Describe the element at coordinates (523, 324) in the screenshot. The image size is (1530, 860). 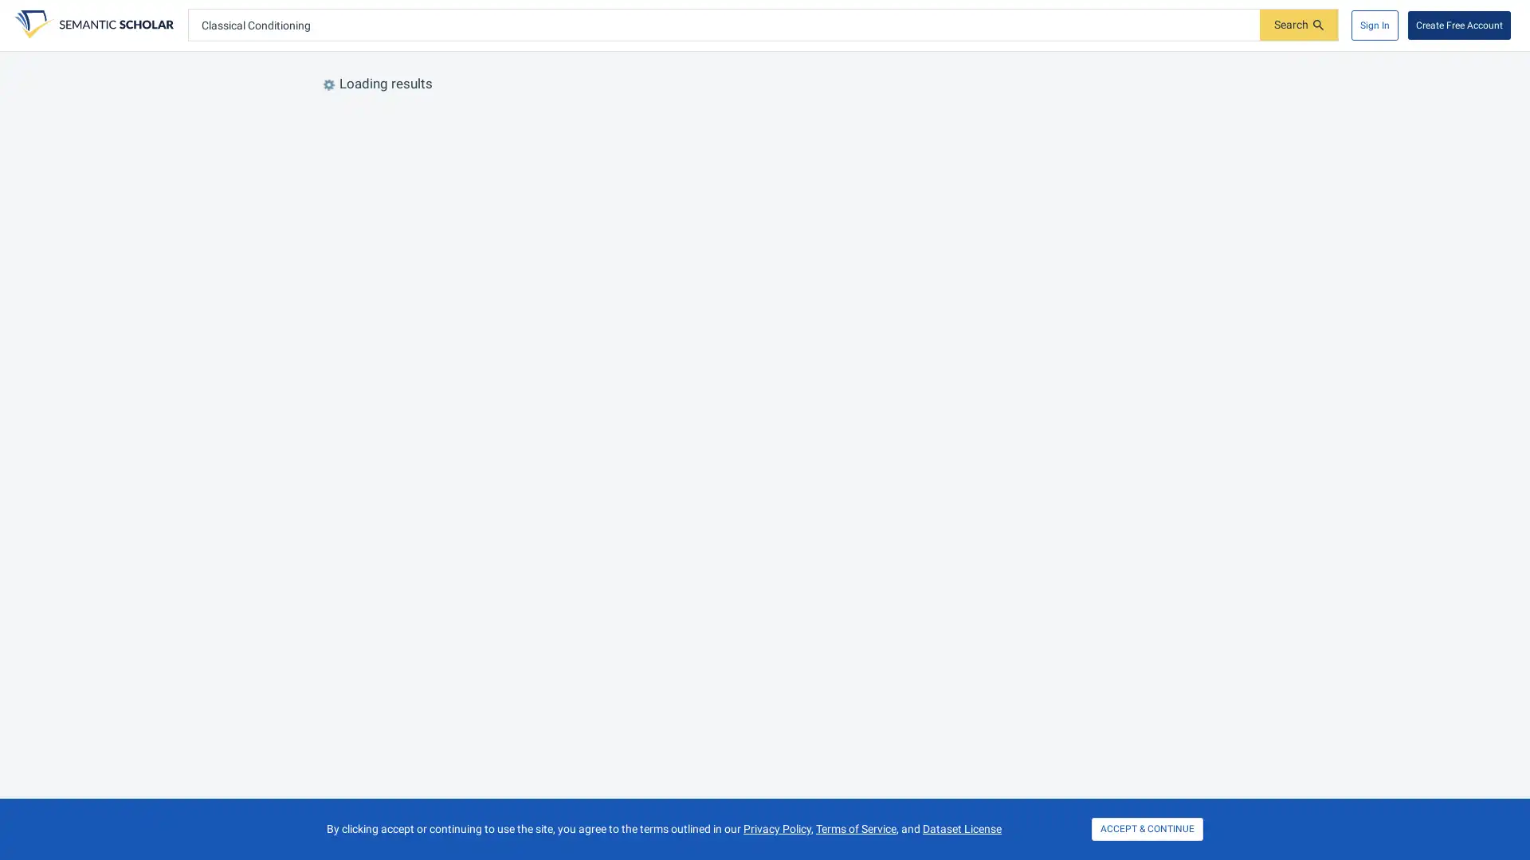
I see `Cite this paper` at that location.